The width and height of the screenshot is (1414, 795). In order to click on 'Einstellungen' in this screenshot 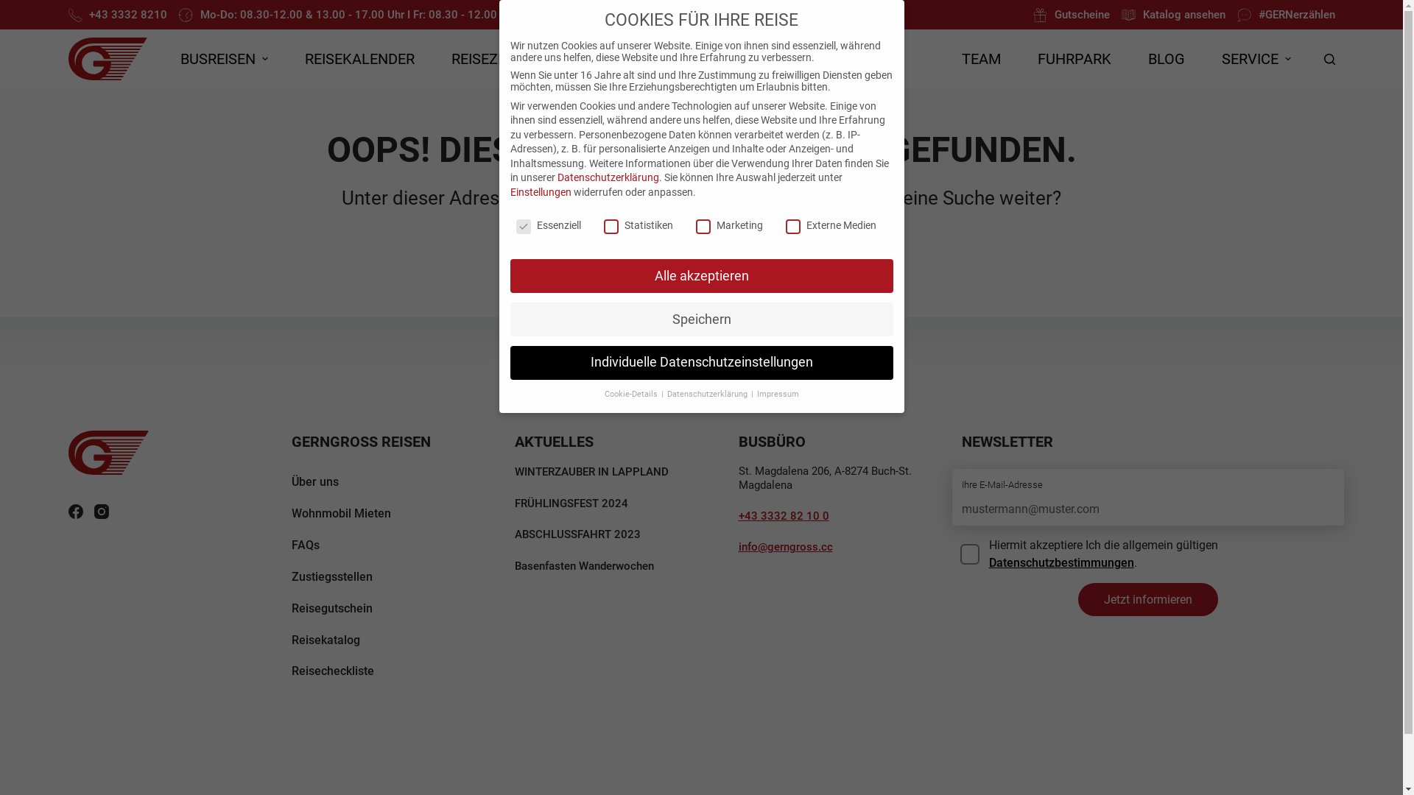, I will do `click(539, 191)`.